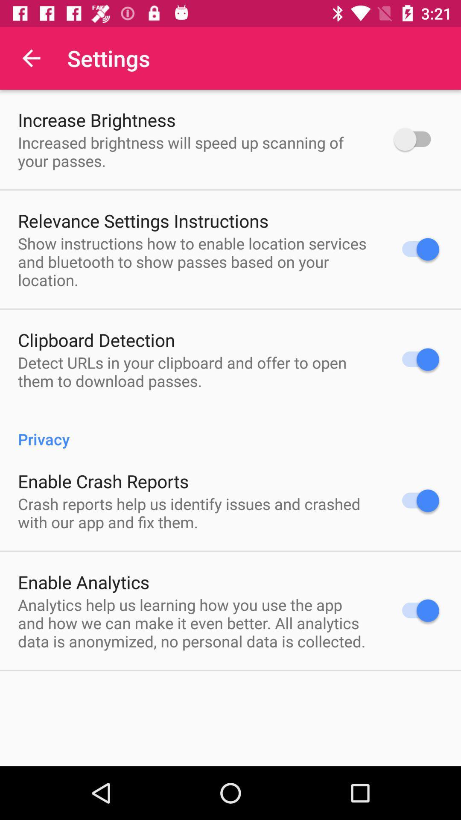 Image resolution: width=461 pixels, height=820 pixels. I want to click on the enable analytics item, so click(84, 581).